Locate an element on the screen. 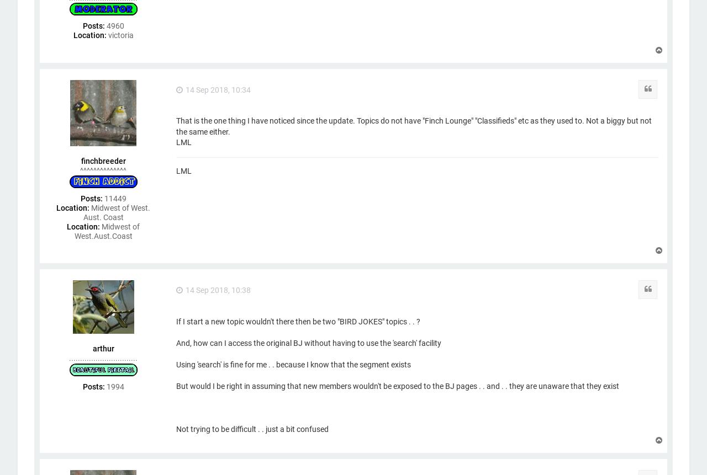  '4960' is located at coordinates (114, 26).